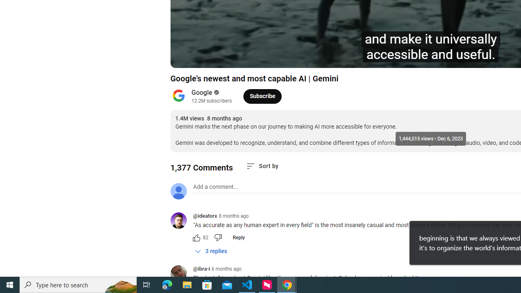  What do you see at coordinates (181, 274) in the screenshot?
I see `'@ibra-i'` at bounding box center [181, 274].